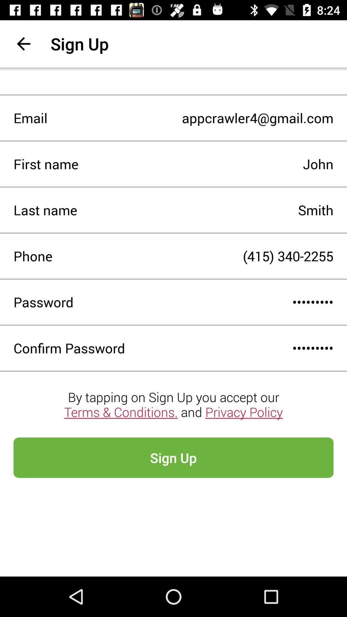  Describe the element at coordinates (23, 43) in the screenshot. I see `the icon next to sign up icon` at that location.